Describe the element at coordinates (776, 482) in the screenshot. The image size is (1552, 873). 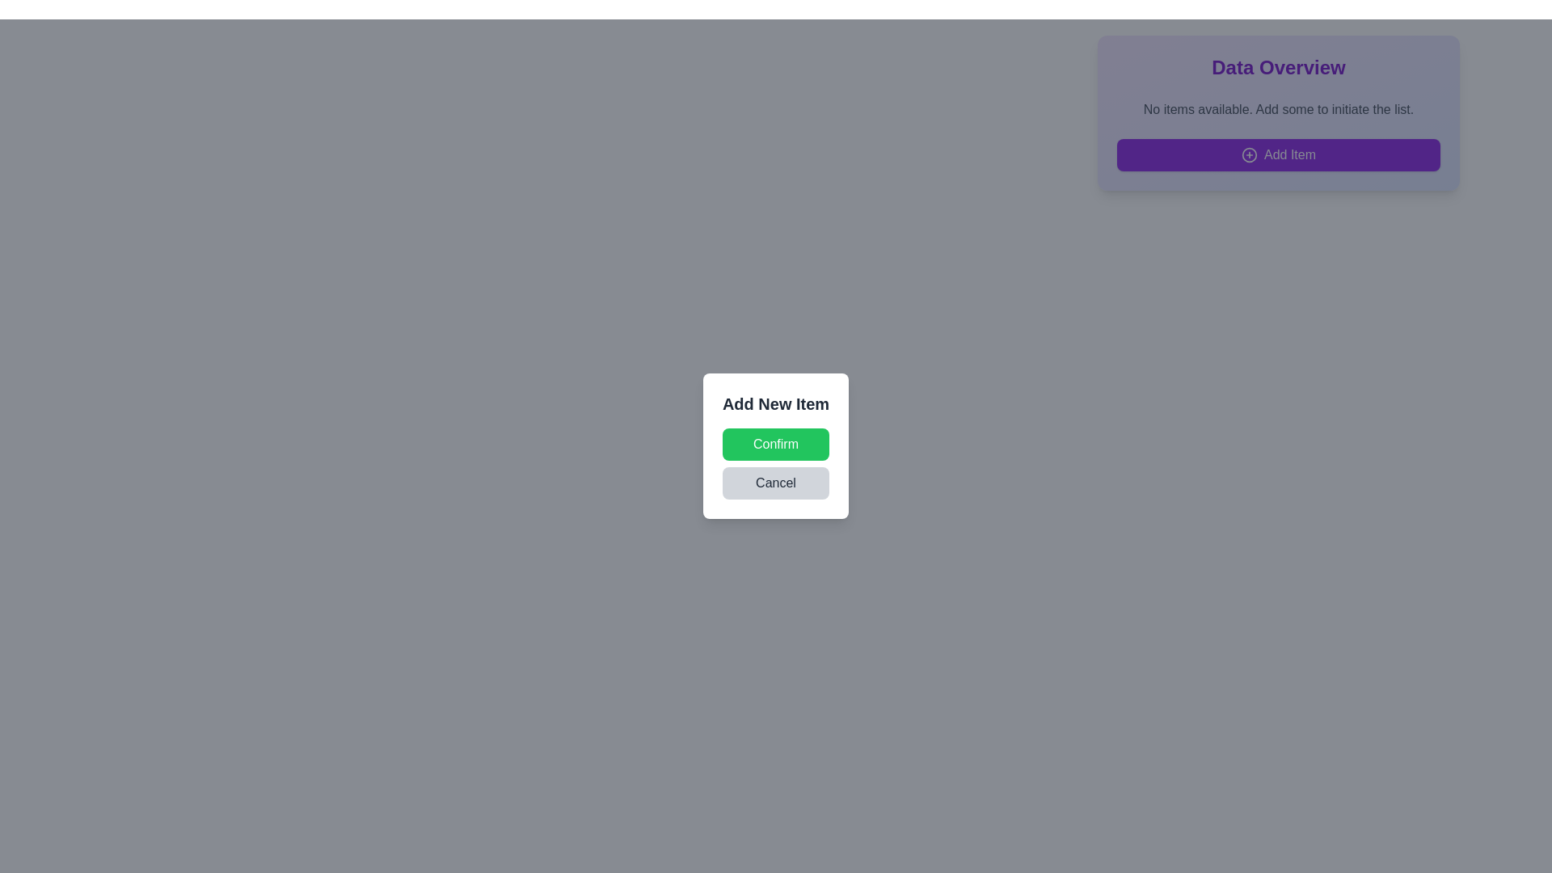
I see `the 'Cancel' button, which is a rectangular button with rounded corners and a gray background, located directly beneath the green 'Confirm' button in the modal dialog box` at that location.